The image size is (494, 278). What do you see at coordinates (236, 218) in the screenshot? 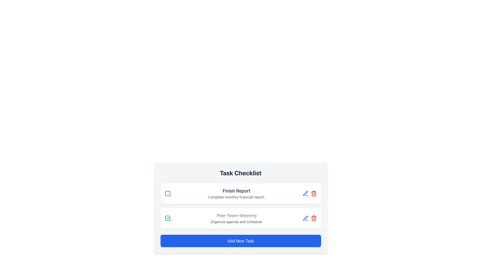
I see `the text display that informs the user about the task 'Plan Team Meeting' and its related details 'Organize agenda and schedule', which is the second entry in the task list` at bounding box center [236, 218].